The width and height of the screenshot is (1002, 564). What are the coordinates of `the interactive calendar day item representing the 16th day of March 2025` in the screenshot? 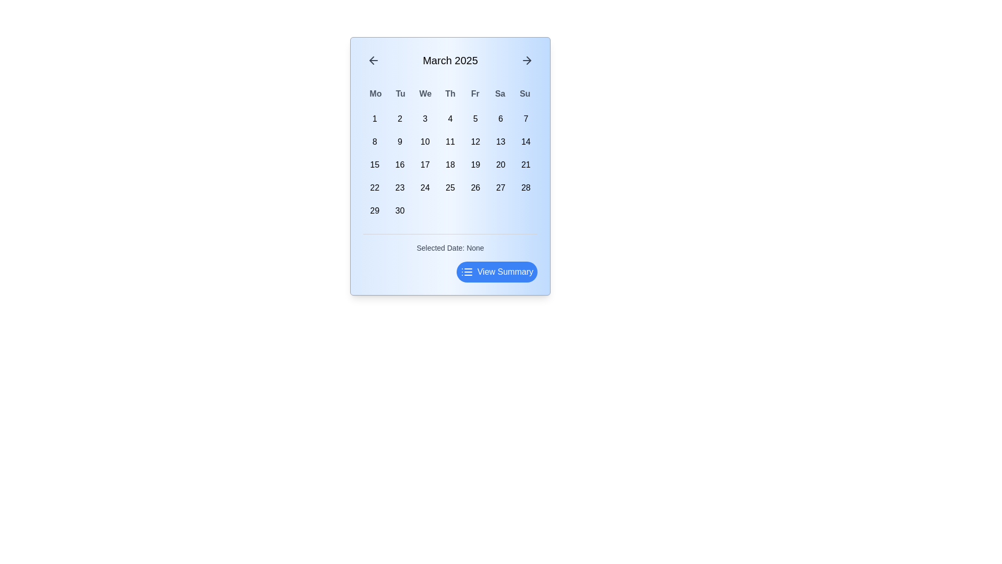 It's located at (399, 164).